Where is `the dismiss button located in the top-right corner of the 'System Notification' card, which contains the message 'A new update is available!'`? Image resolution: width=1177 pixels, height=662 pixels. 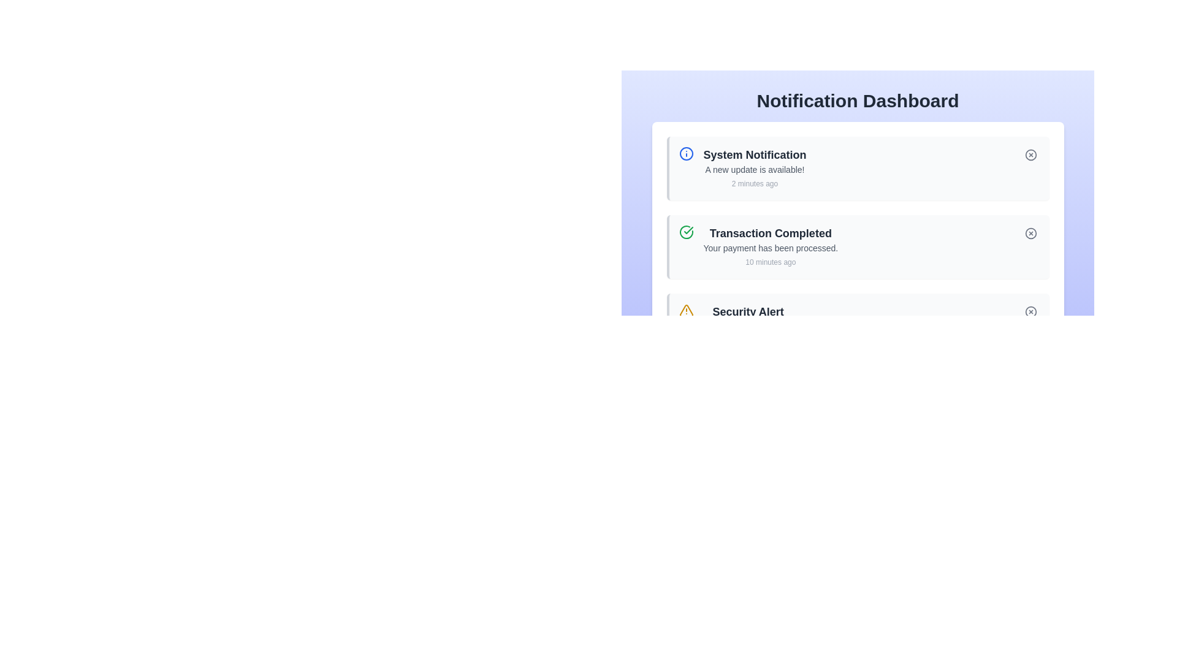 the dismiss button located in the top-right corner of the 'System Notification' card, which contains the message 'A new update is available!' is located at coordinates (1030, 154).